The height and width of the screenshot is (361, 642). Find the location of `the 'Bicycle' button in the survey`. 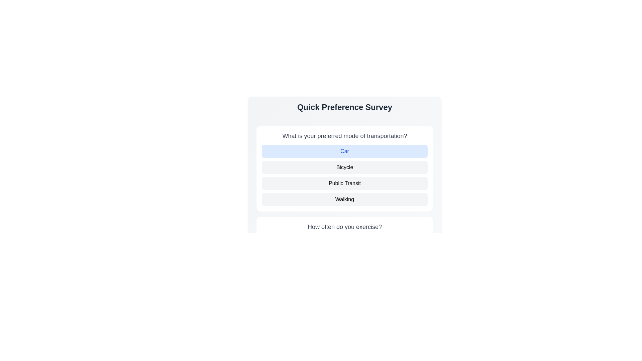

the 'Bicycle' button in the survey is located at coordinates (345, 167).